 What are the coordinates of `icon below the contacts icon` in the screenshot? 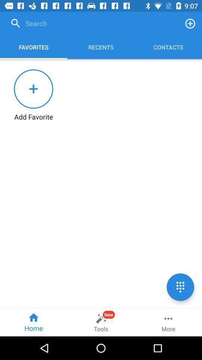 It's located at (180, 286).